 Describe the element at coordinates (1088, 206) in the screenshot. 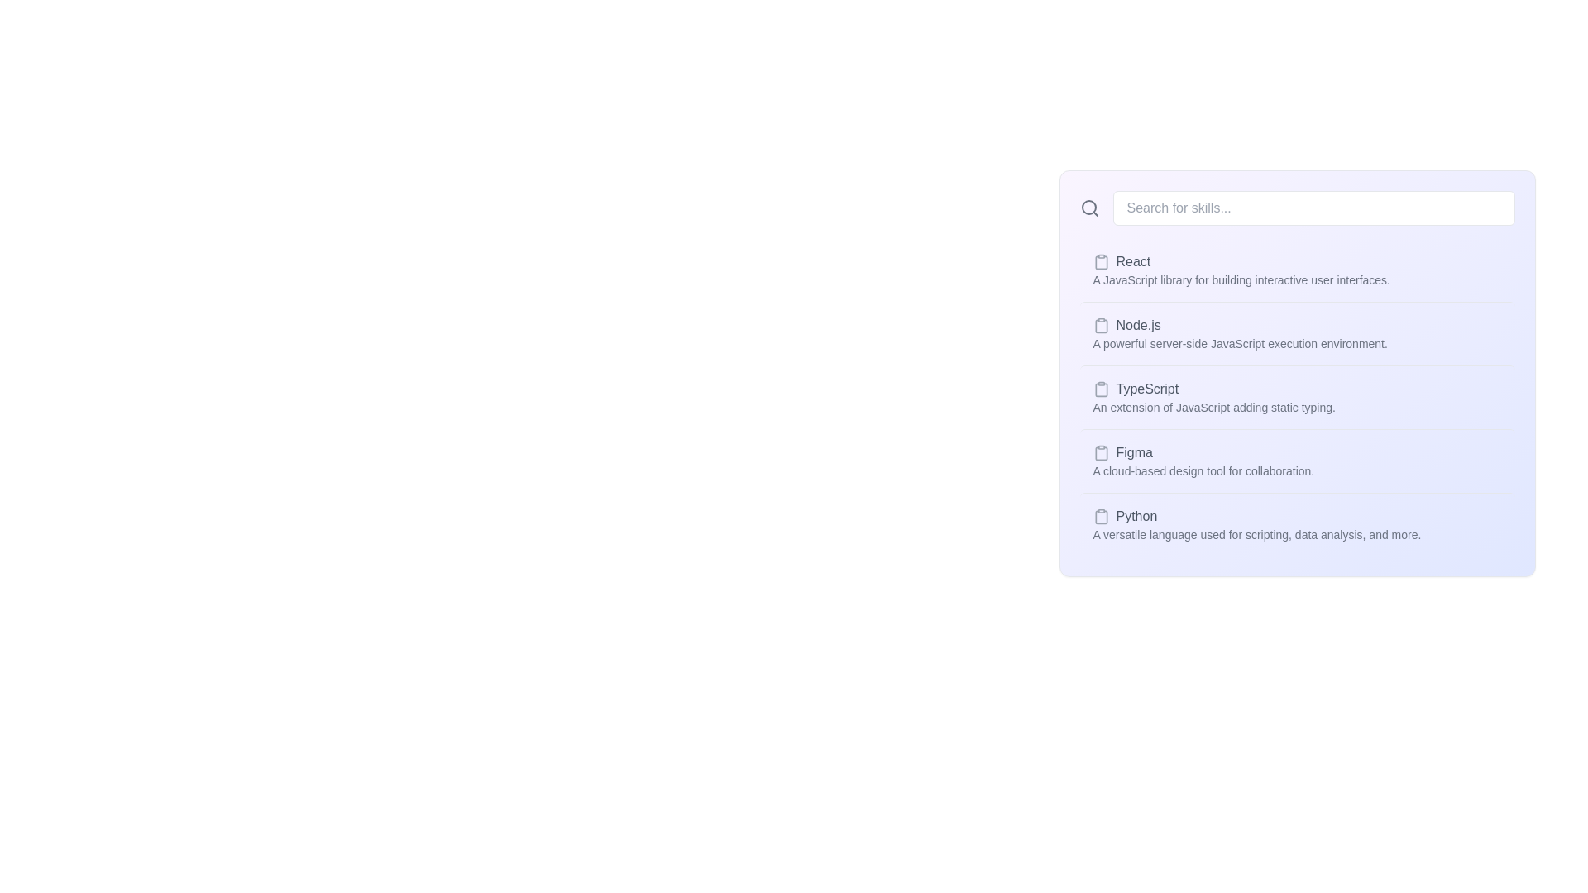

I see `the input field for the search feature by clicking the hollow circle of the search icon` at that location.